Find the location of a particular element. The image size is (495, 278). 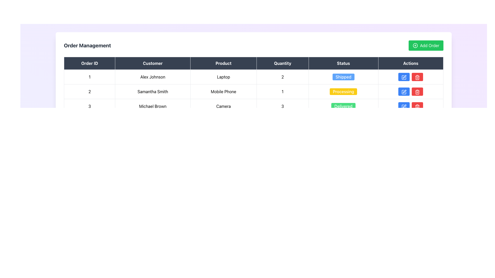

the Text label displaying the customer's name in the second column of the first row of the data table, located under the 'Customer' header is located at coordinates (152, 77).